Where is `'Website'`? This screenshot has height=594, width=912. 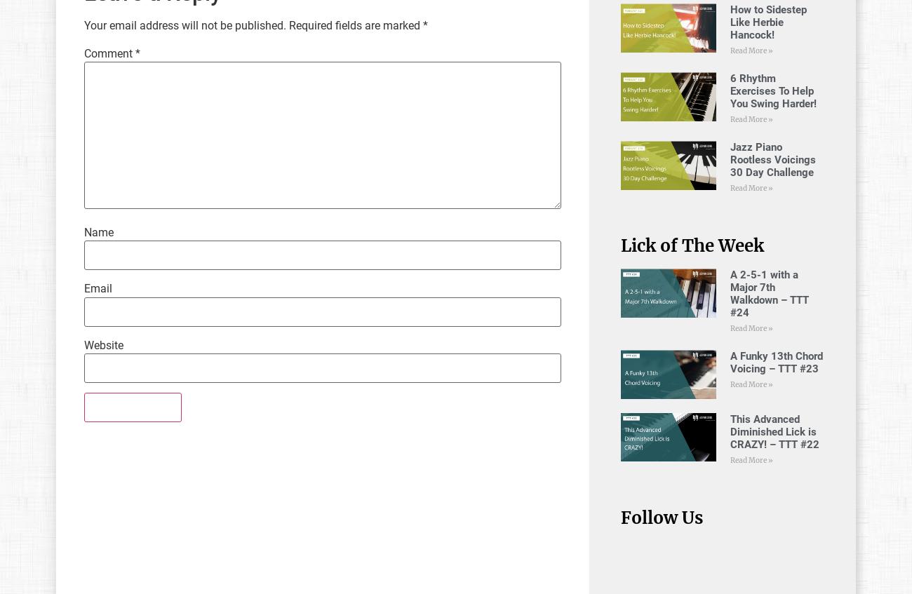
'Website' is located at coordinates (102, 344).